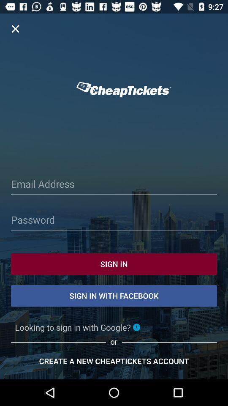  I want to click on the text which is just below sign in with facebook, so click(77, 327).